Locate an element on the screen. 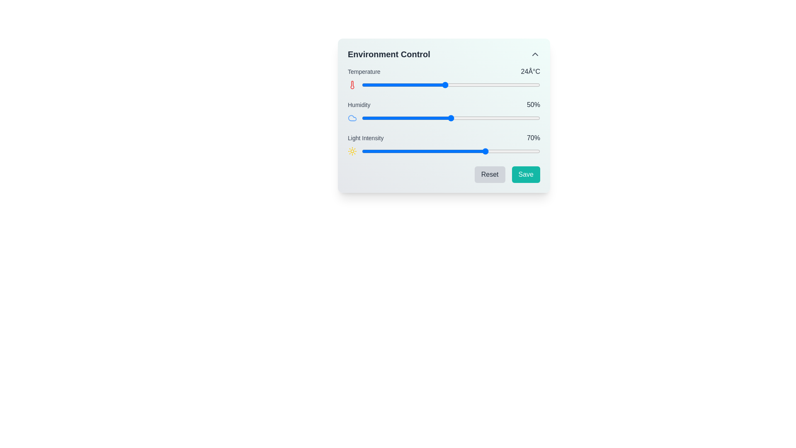 This screenshot has width=796, height=448. the temperature slider is located at coordinates (367, 85).